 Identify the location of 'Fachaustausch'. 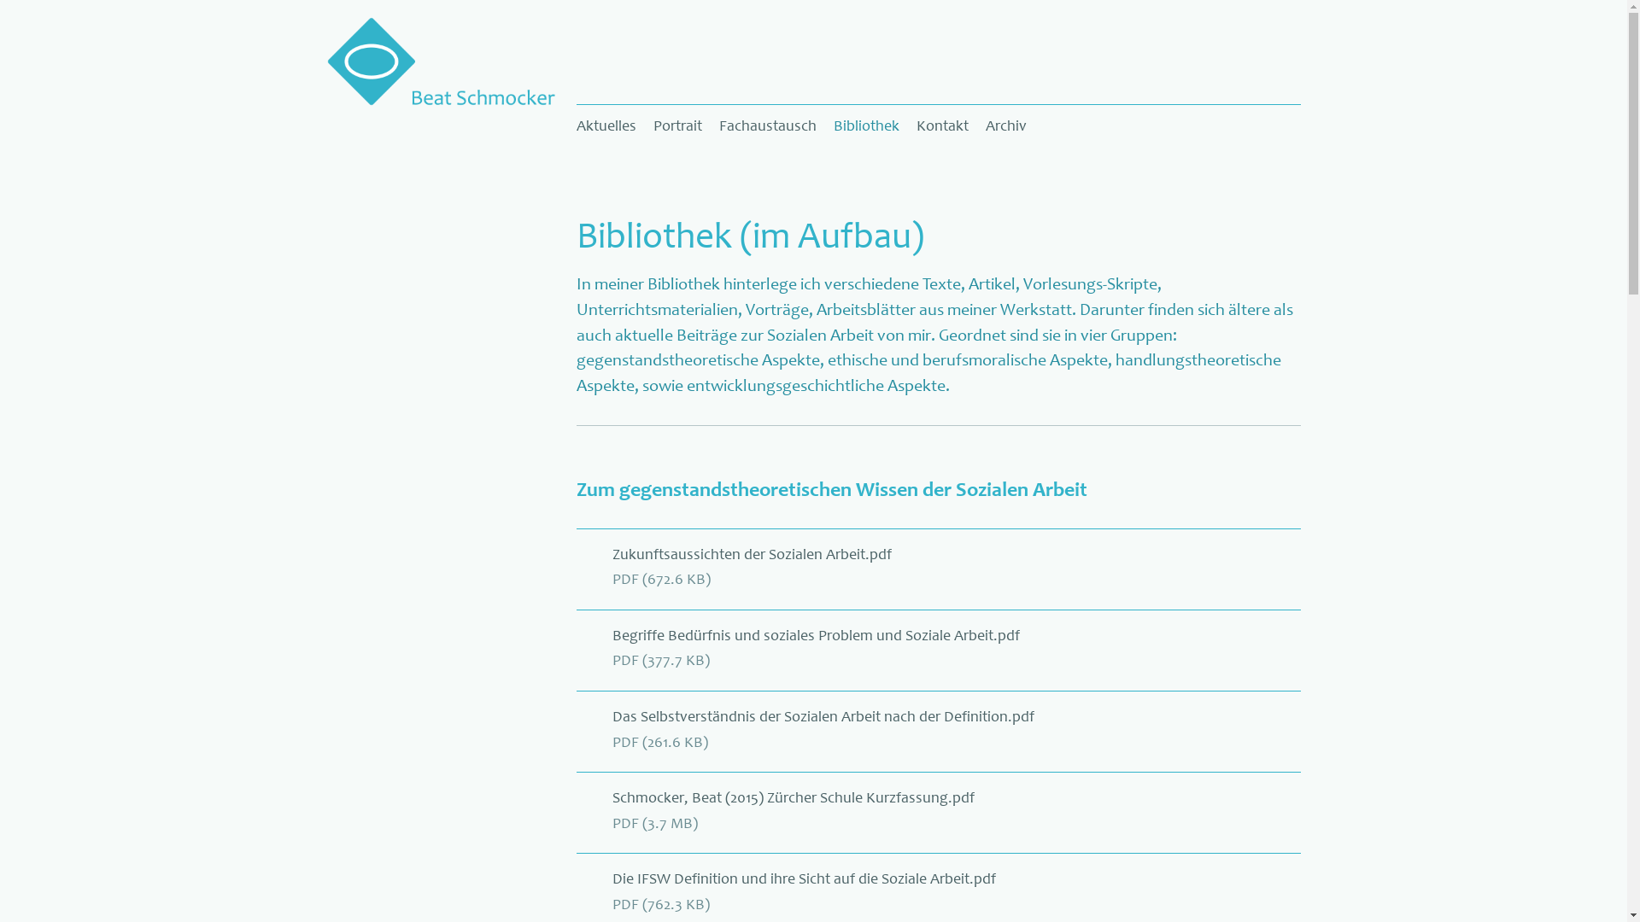
(710, 125).